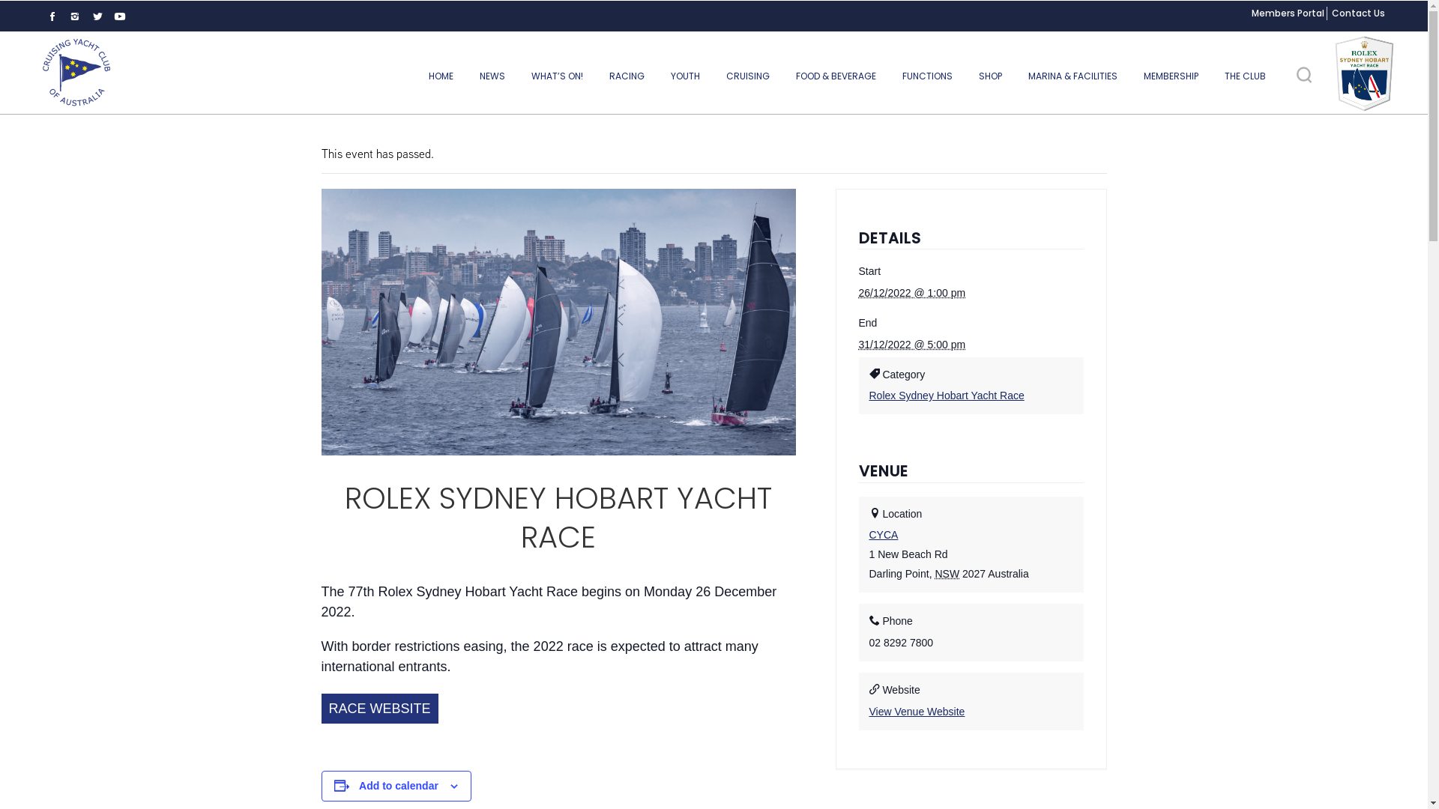 This screenshot has width=1439, height=809. I want to click on 'Show/hide search', so click(1303, 75).